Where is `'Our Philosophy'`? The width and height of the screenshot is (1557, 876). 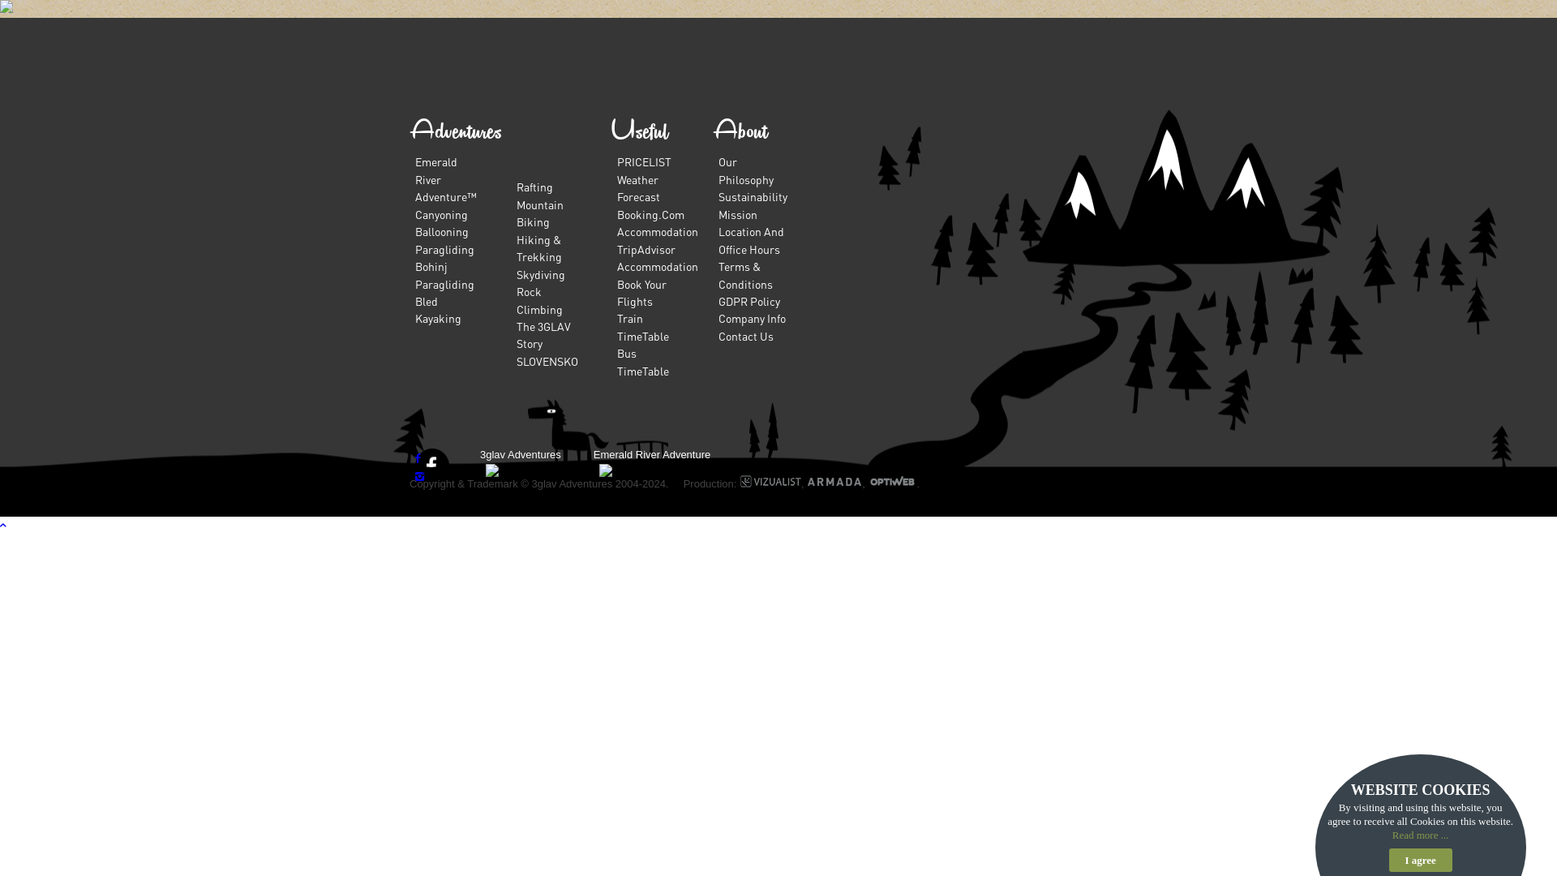
'Our Philosophy' is located at coordinates (745, 170).